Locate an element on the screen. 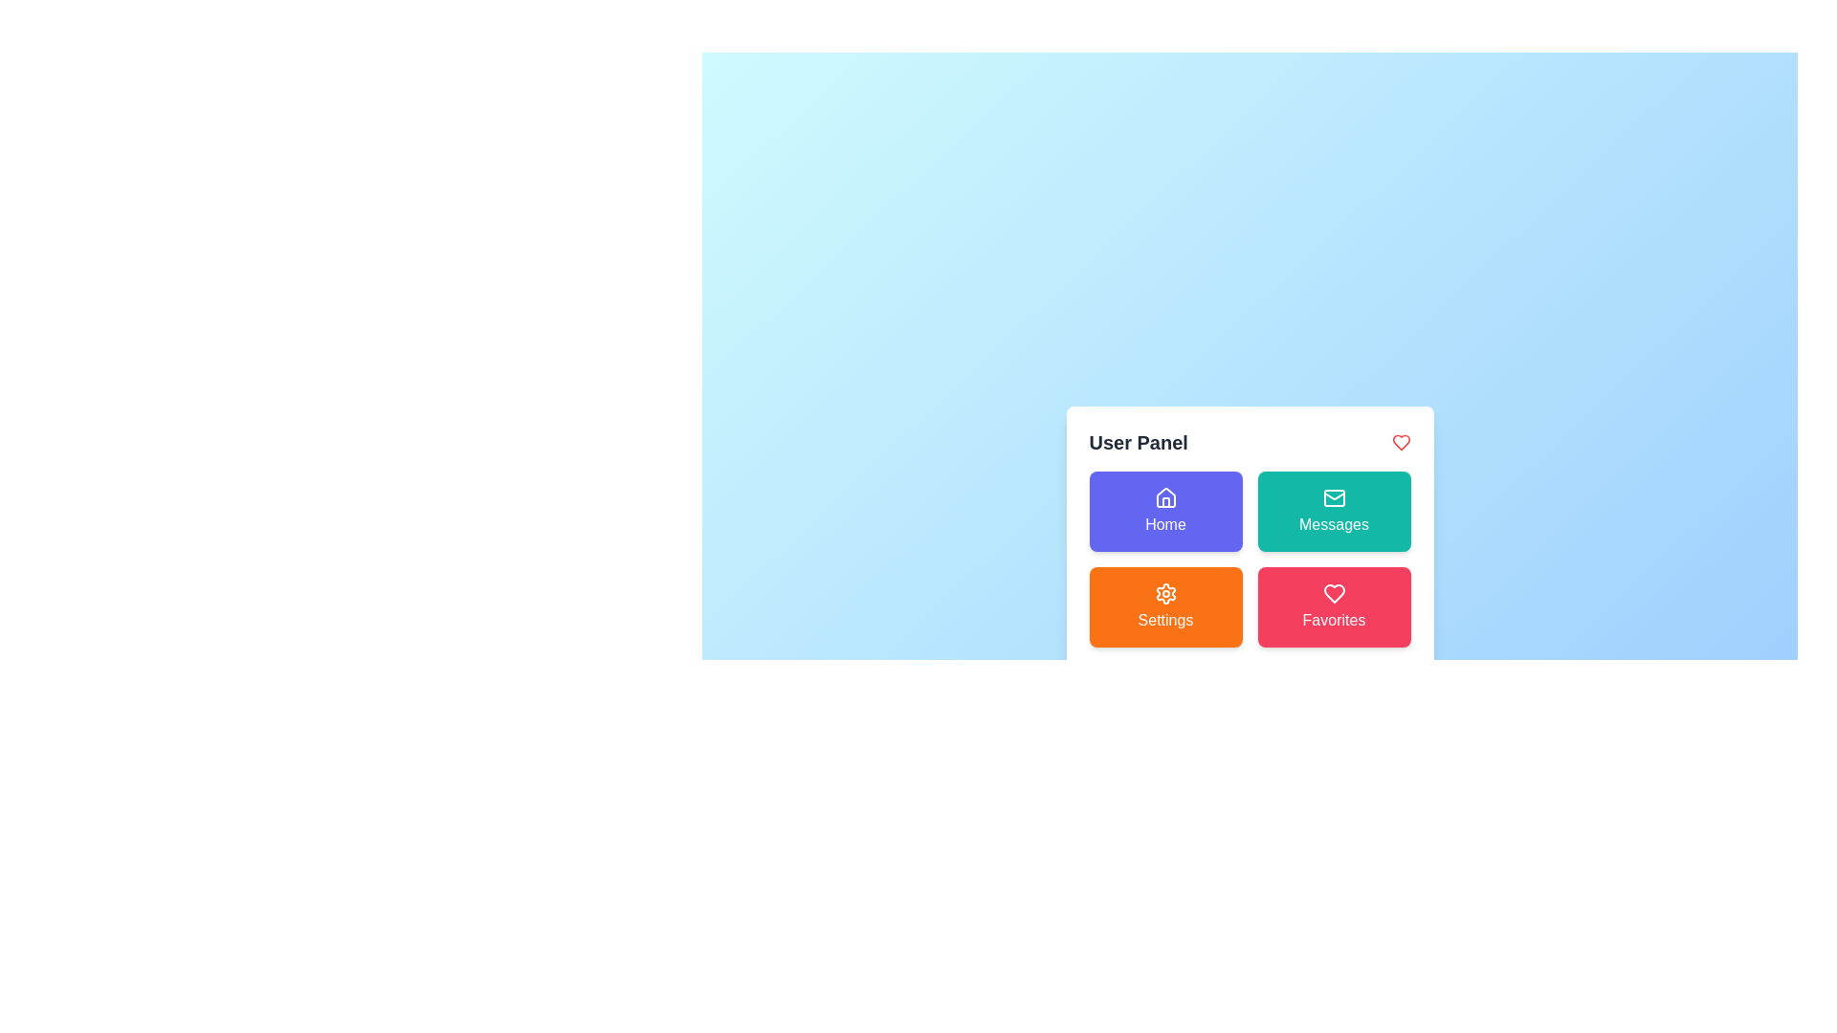 This screenshot has width=1837, height=1033. the 'Favorites' icon, which visually represents the functionality to manage favorite items, located above the text 'Favorites' in the bottom-right corner of the user interface is located at coordinates (1333, 593).